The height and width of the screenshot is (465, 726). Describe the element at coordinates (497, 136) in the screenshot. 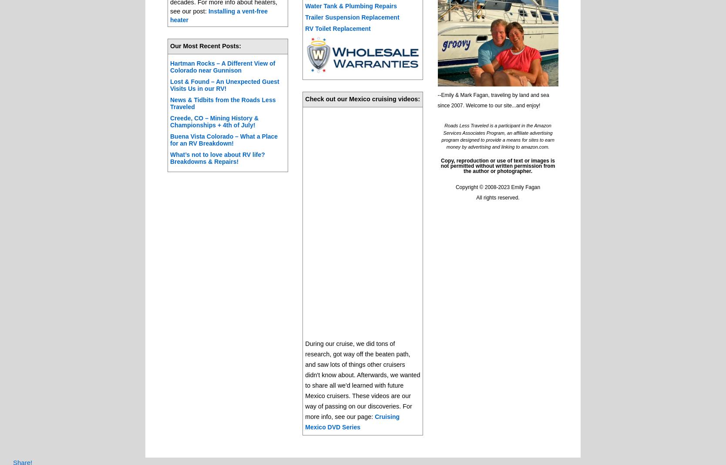

I see `'Roads Less Traveled is a participant in the Amazon Services Associates Program, an affiliate advertising program designed to provide a means for sites to earn money by advertising and linking to amazon.com.'` at that location.